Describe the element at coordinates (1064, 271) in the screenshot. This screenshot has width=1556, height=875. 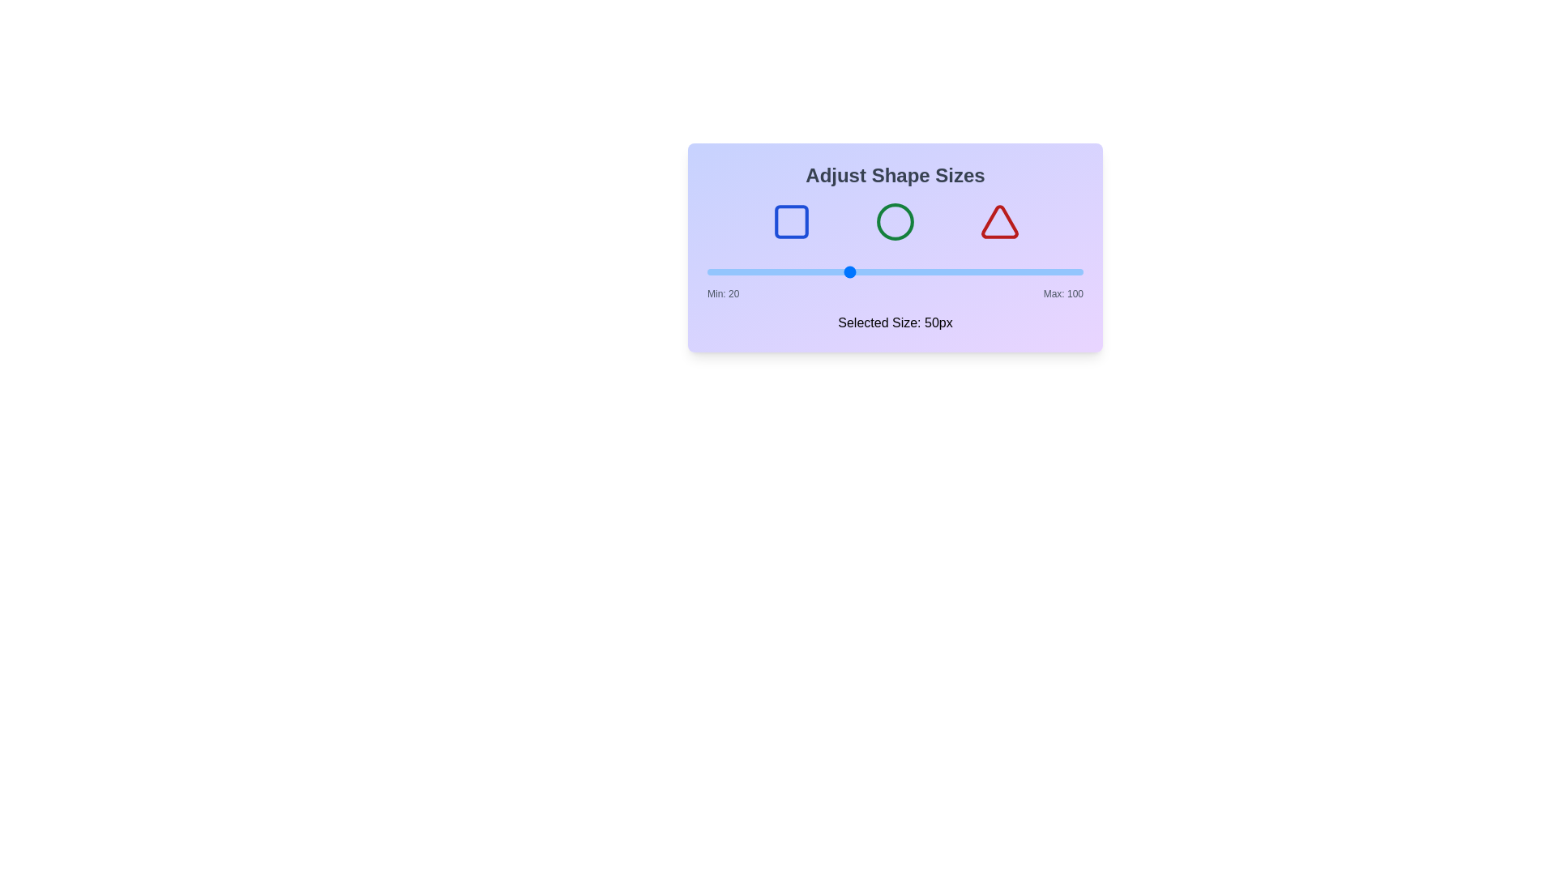
I see `the slider to set the size to 96 px` at that location.